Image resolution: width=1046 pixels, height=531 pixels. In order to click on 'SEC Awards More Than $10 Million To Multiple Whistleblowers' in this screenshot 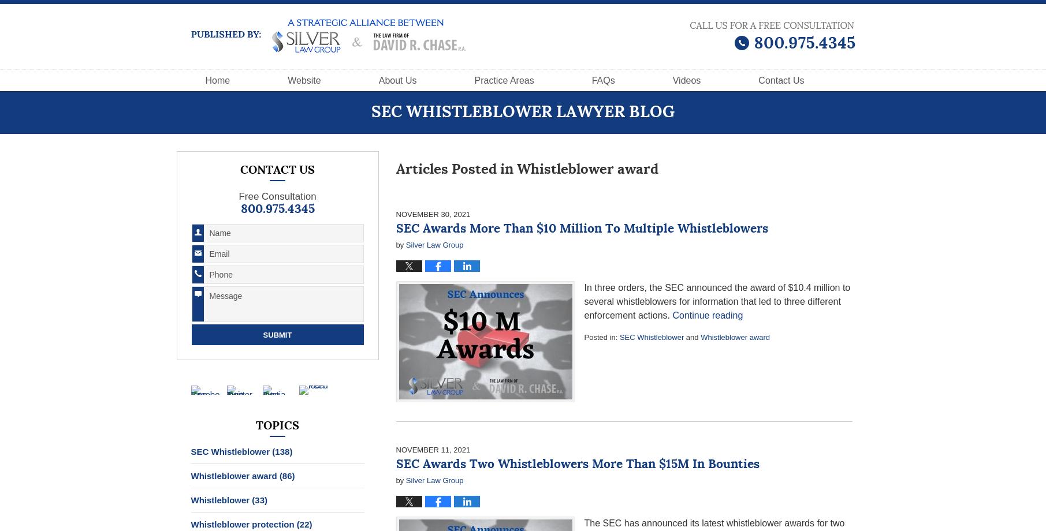, I will do `click(580, 228)`.